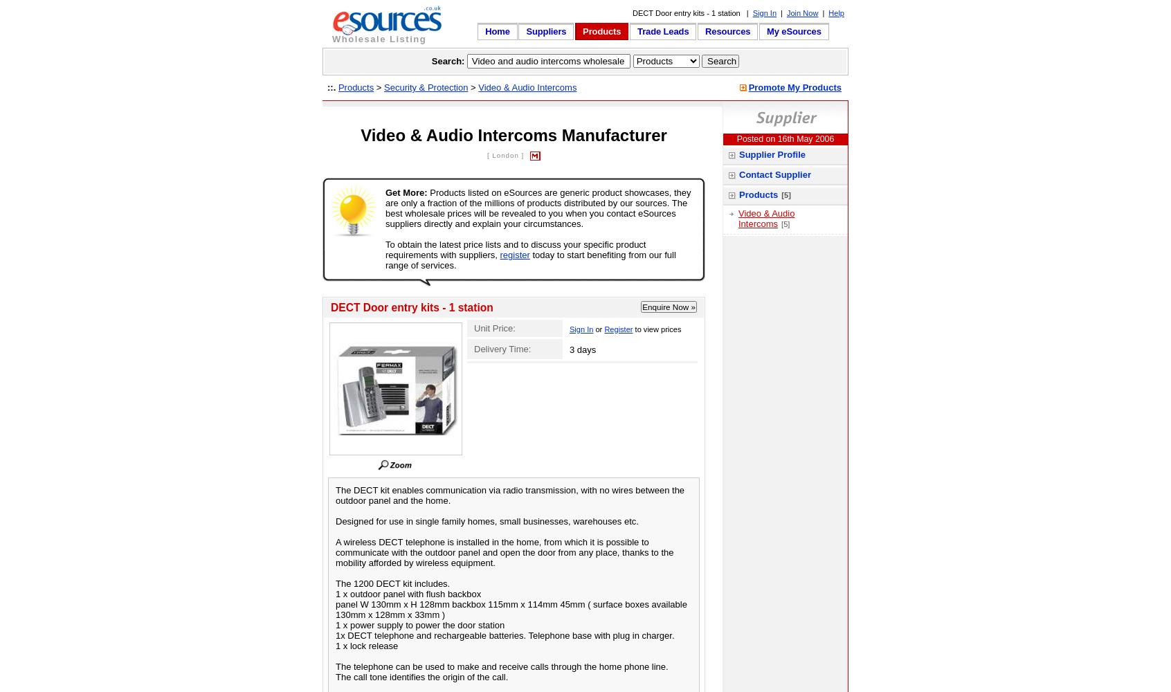 The width and height of the screenshot is (1171, 692). I want to click on '::.', so click(331, 87).